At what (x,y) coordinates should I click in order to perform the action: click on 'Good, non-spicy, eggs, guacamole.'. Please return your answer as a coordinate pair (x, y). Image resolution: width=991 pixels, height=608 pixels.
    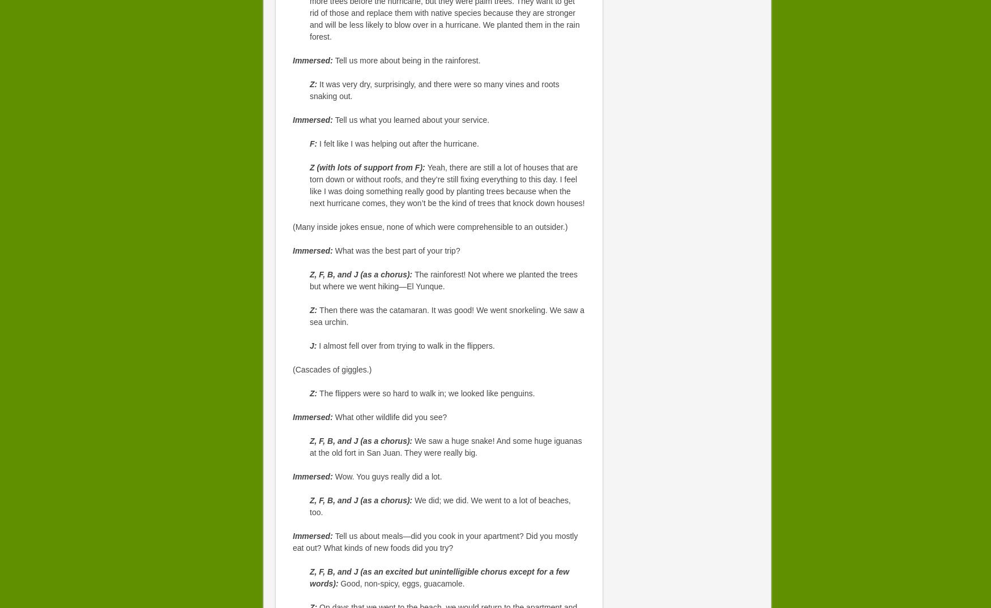
    Looking at the image, I should click on (402, 584).